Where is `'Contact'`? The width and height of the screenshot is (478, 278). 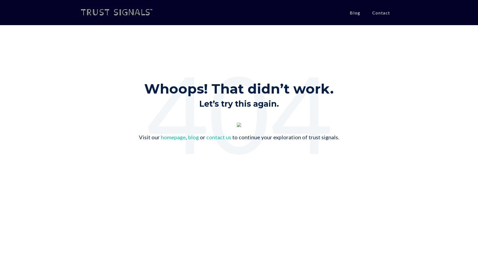
'Contact' is located at coordinates (381, 12).